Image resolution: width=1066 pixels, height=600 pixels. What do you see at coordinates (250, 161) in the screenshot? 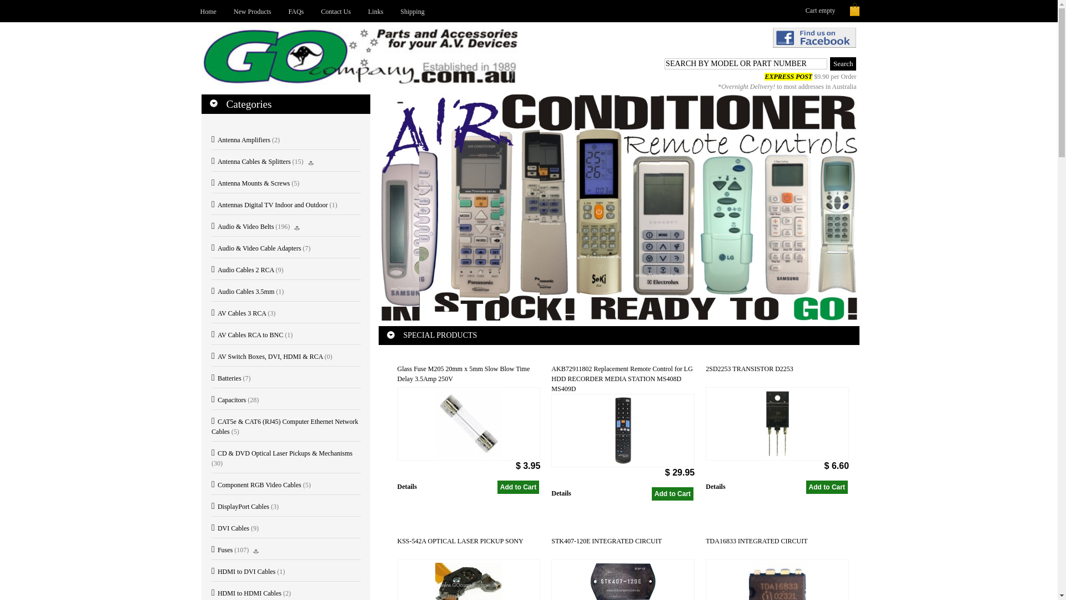
I see `'Antenna Cables & Splitters'` at bounding box center [250, 161].